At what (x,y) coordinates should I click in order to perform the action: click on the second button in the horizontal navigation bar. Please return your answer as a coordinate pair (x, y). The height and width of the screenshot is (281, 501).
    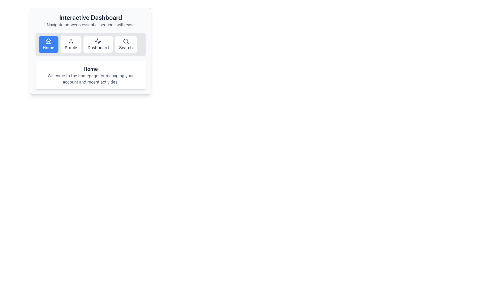
    Looking at the image, I should click on (70, 44).